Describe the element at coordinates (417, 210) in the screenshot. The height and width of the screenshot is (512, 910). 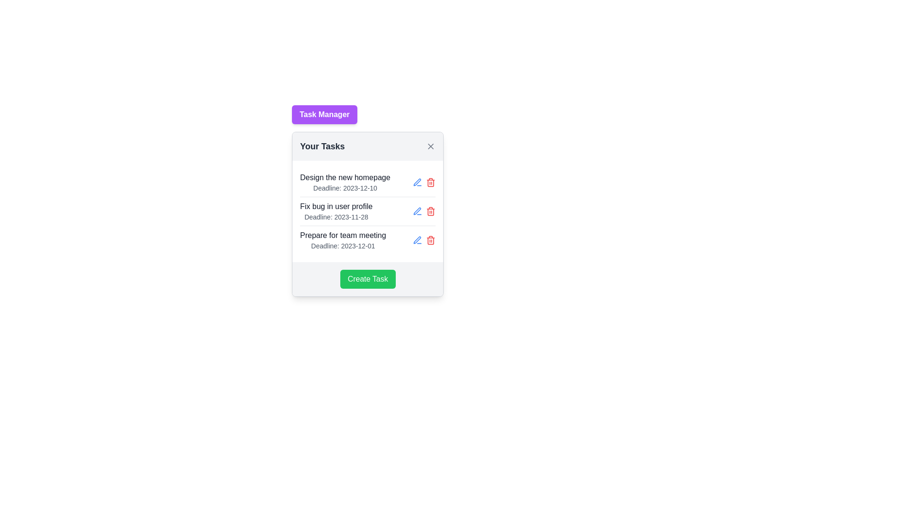
I see `the editing icon (SVG graphic) located to the right of the 'Fix bug in user profile' task entry to initiate the editing process` at that location.